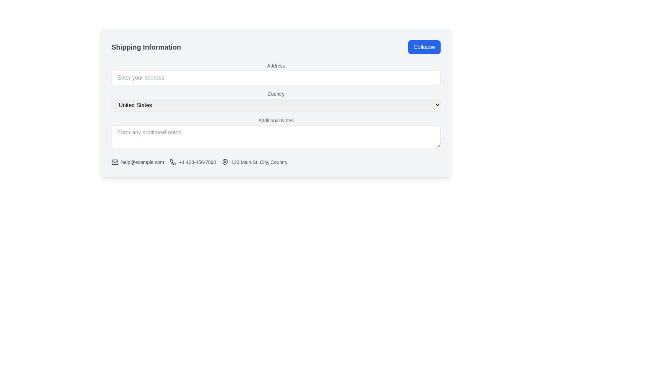 This screenshot has height=372, width=663. I want to click on the envelope icon, which is a rectangular shape with rounded corners, light gray border, and white-filled inside, located to the left of 'help@example.com' in the contact details row, so click(115, 162).